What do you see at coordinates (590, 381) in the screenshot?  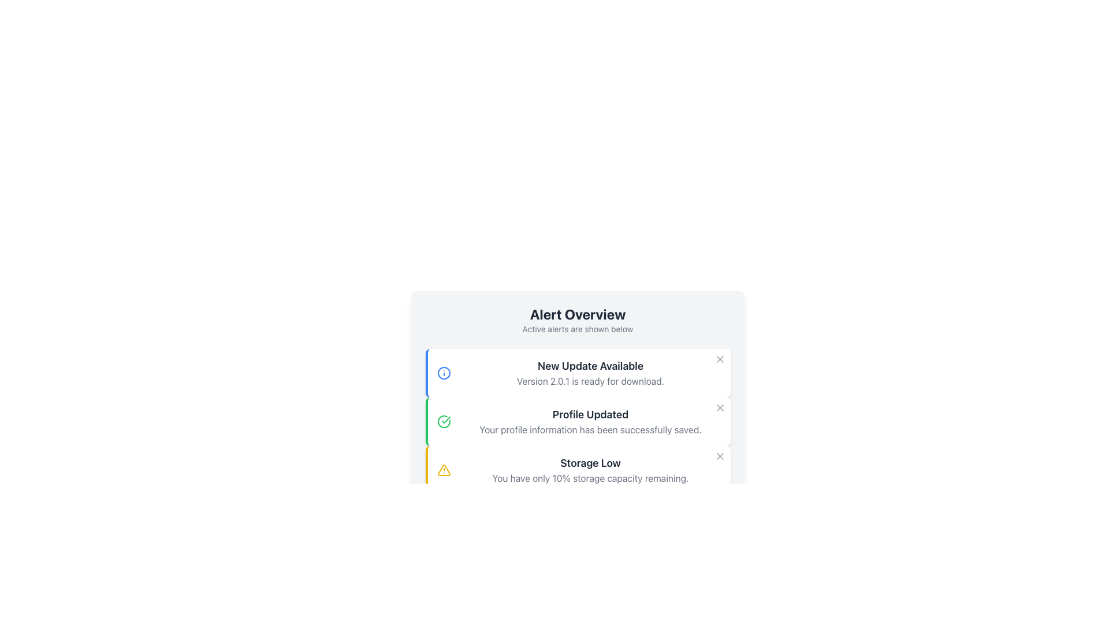 I see `the text providing information about a new software update available for download, located below 'New Update Available' in the alert box under 'Alert Overview'` at bounding box center [590, 381].